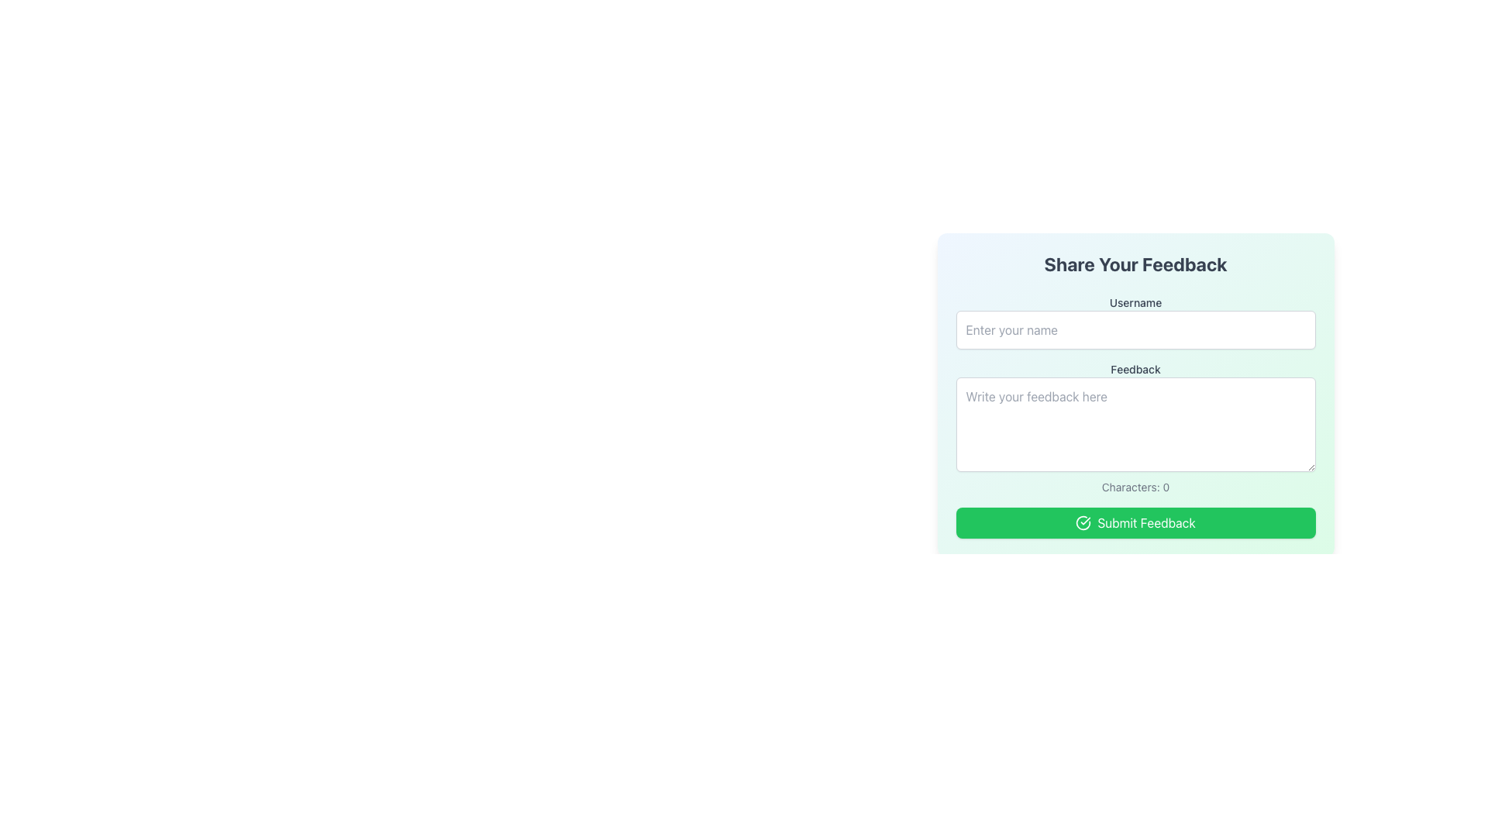 This screenshot has height=837, width=1488. What do you see at coordinates (1135, 523) in the screenshot?
I see `the large green 'Submit Feedback' button located at the bottom of the feedback form` at bounding box center [1135, 523].